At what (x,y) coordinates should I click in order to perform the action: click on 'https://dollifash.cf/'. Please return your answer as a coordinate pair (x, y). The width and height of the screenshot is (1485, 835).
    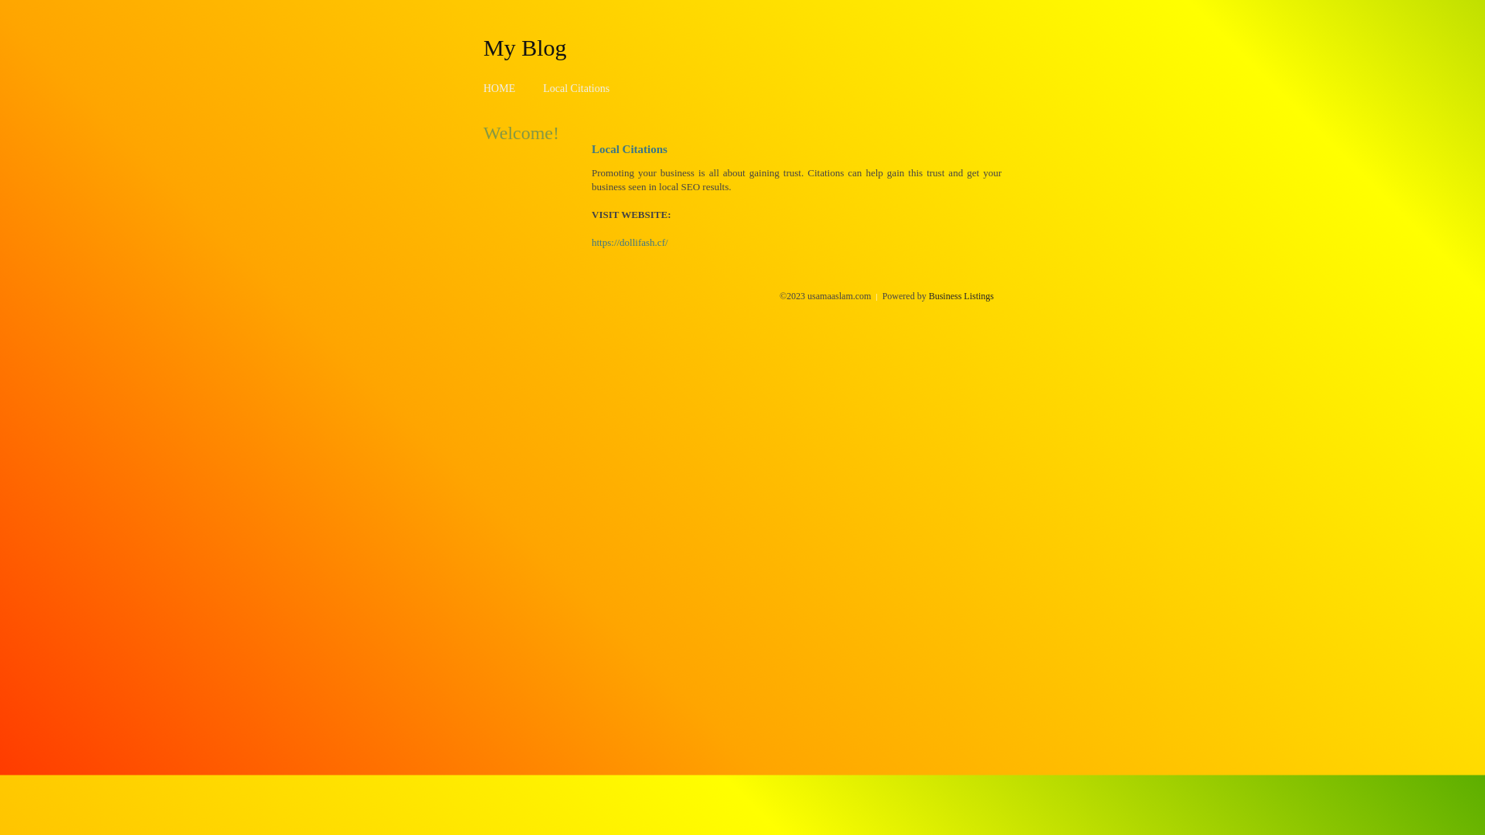
    Looking at the image, I should click on (630, 242).